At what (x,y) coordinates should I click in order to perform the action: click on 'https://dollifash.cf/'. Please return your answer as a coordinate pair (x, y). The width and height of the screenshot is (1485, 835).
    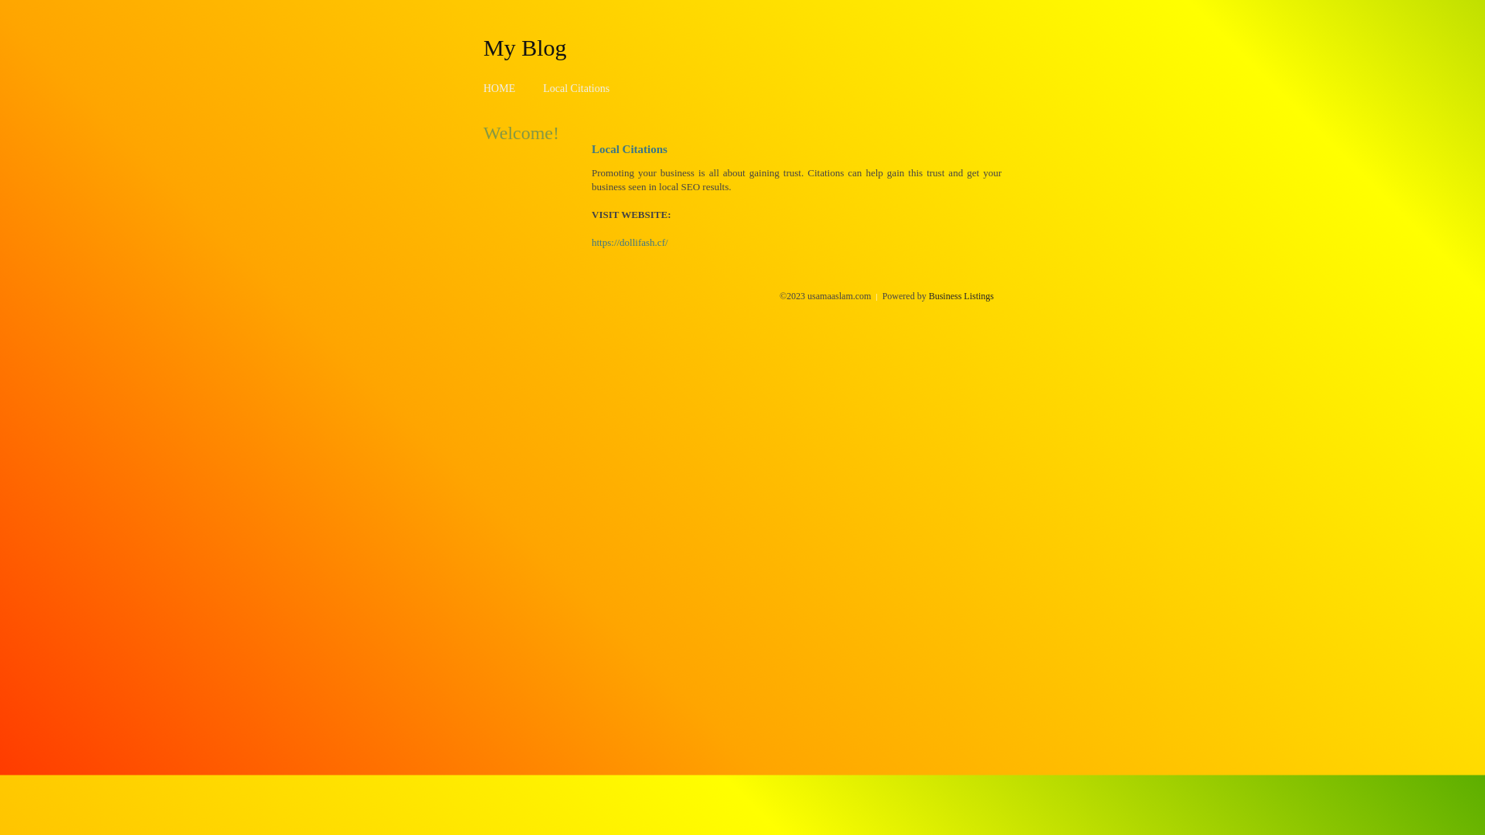
    Looking at the image, I should click on (630, 242).